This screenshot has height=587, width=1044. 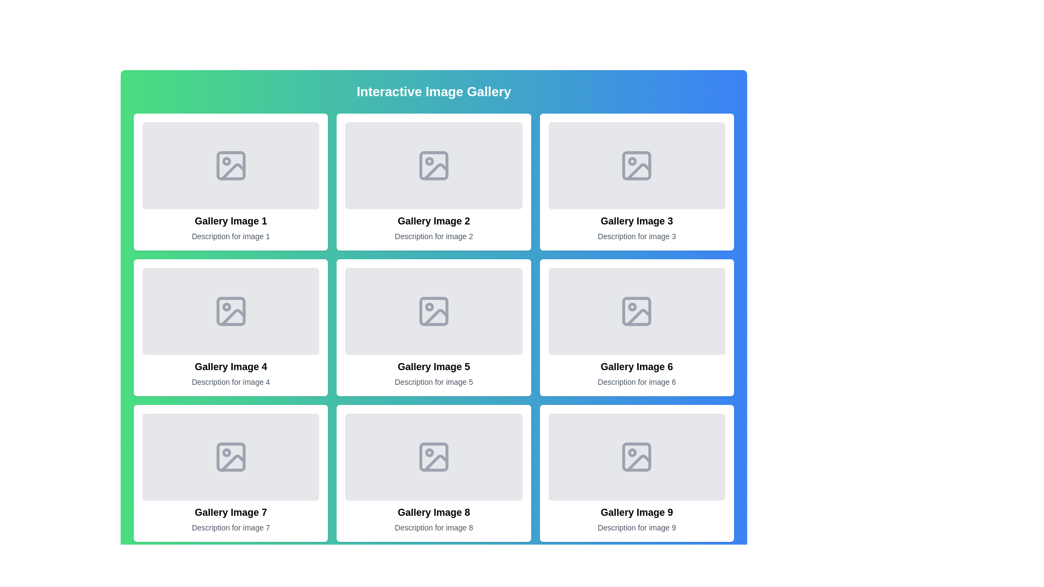 I want to click on rectangular shape with rounded corners located inside the eighth item of a 3x3 grid layout in the middle of the image gallery using accessibility tools, so click(x=433, y=457).